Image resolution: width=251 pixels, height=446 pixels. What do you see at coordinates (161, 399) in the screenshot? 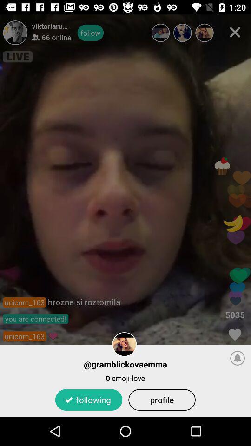
I see `the app to the right of following item` at bounding box center [161, 399].